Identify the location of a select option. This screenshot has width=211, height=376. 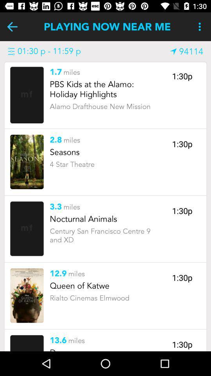
(27, 161).